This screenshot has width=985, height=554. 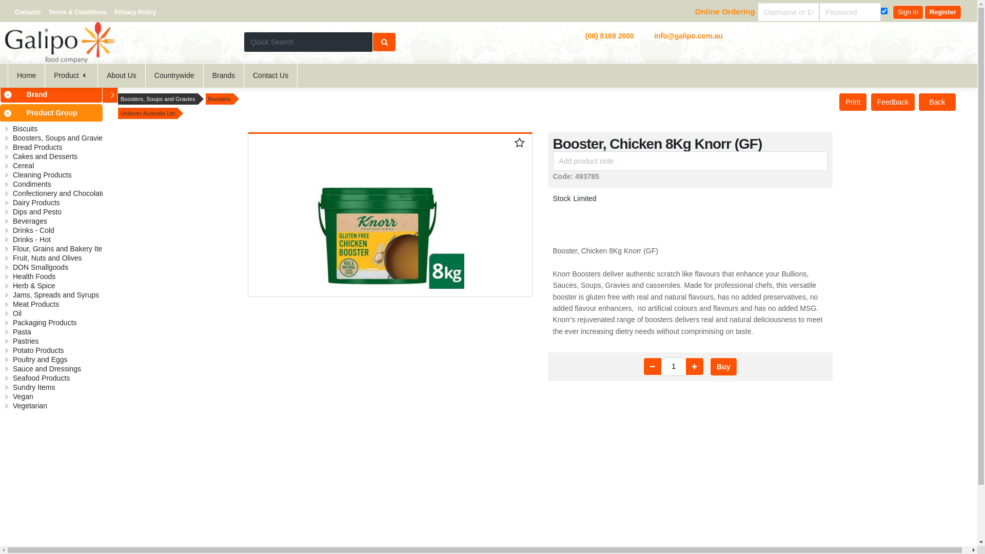 What do you see at coordinates (12, 221) in the screenshot?
I see `'Beverages'` at bounding box center [12, 221].